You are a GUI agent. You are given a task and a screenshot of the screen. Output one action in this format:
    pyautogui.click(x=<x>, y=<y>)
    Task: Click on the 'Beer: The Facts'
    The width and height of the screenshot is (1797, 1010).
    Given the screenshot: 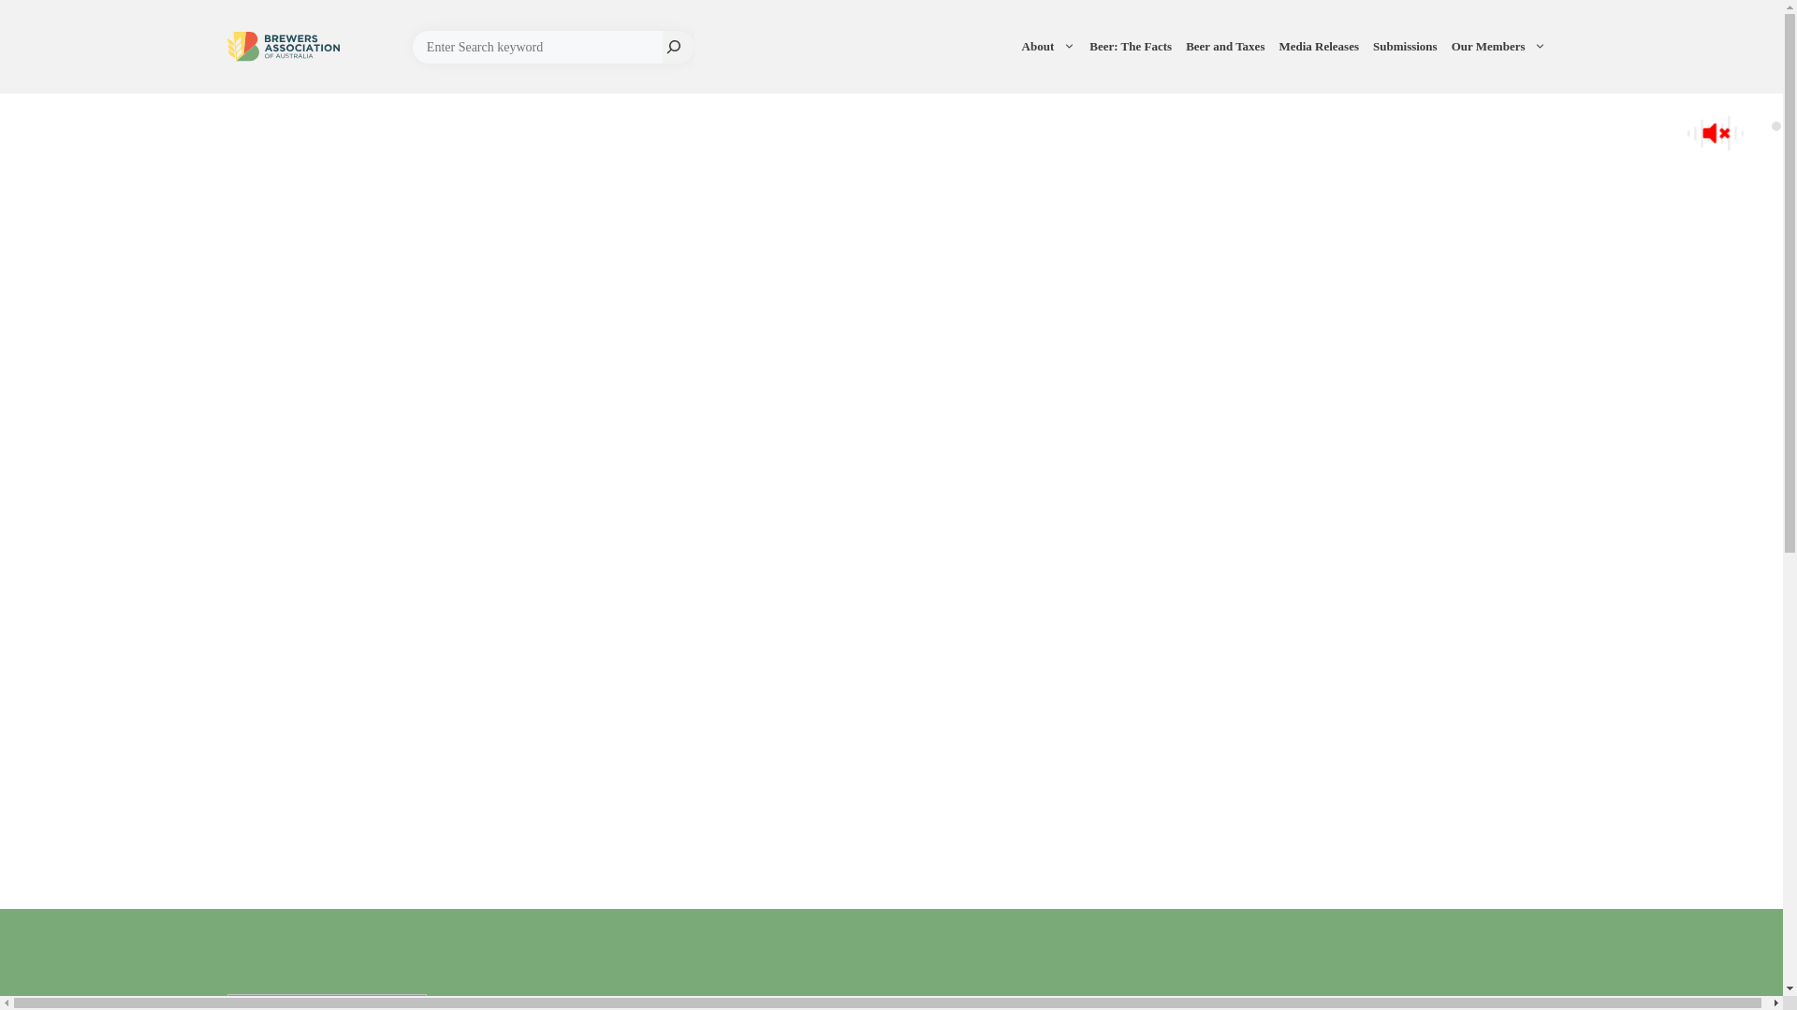 What is the action you would take?
    pyautogui.click(x=1132, y=46)
    